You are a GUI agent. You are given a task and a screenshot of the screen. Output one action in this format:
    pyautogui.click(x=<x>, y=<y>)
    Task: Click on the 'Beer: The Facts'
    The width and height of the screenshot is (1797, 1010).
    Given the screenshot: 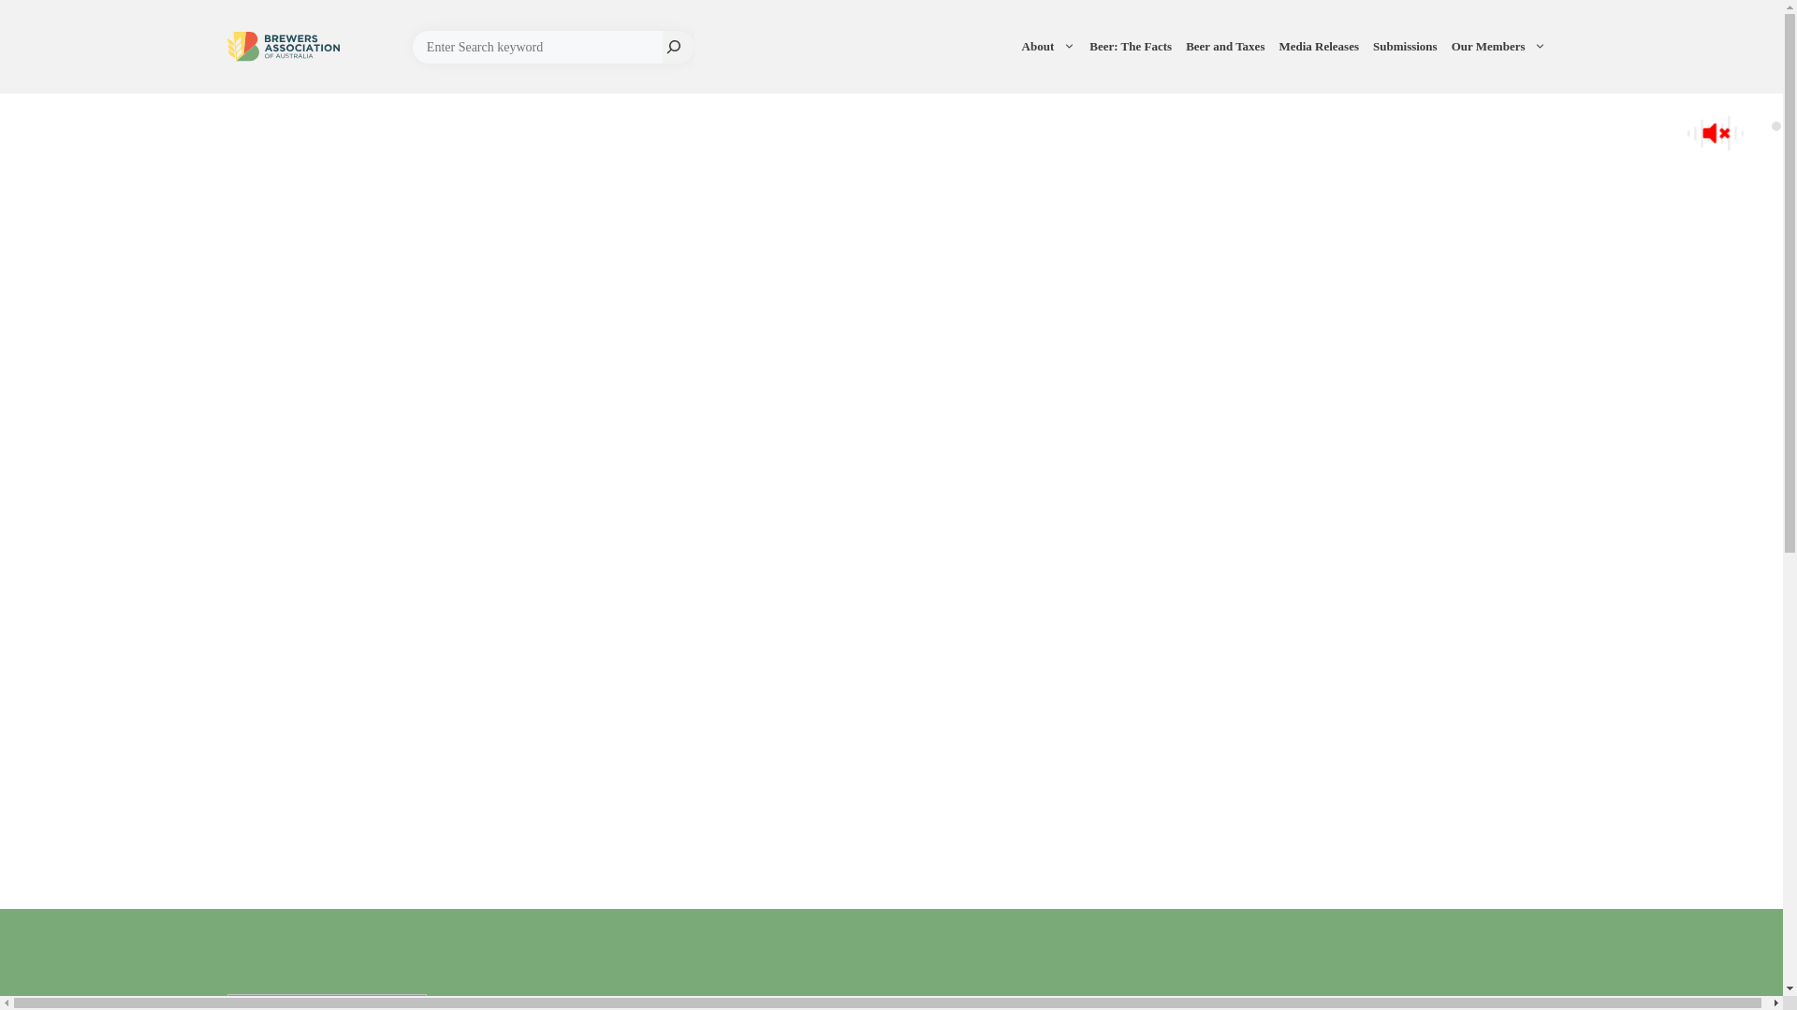 What is the action you would take?
    pyautogui.click(x=1132, y=46)
    